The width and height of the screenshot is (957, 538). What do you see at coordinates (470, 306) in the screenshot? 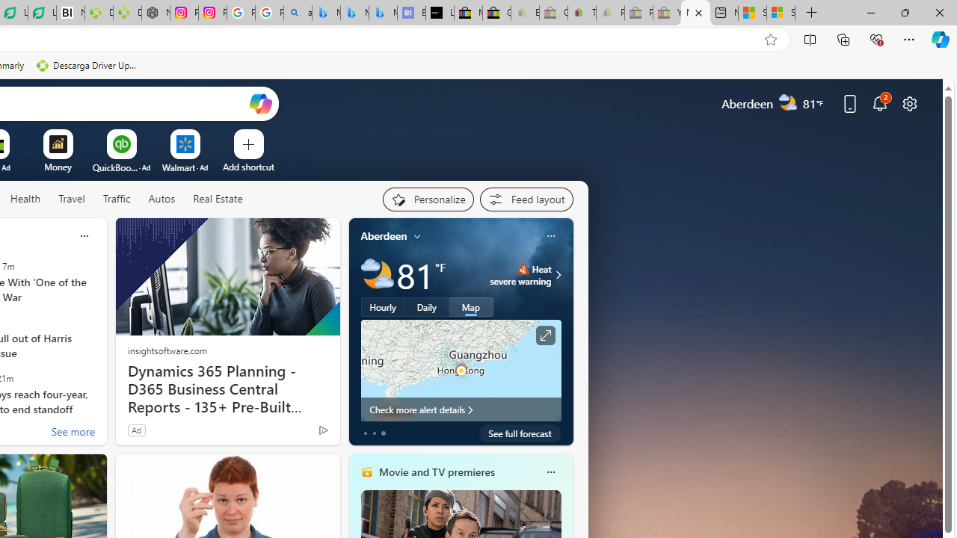
I see `'Map'` at bounding box center [470, 306].